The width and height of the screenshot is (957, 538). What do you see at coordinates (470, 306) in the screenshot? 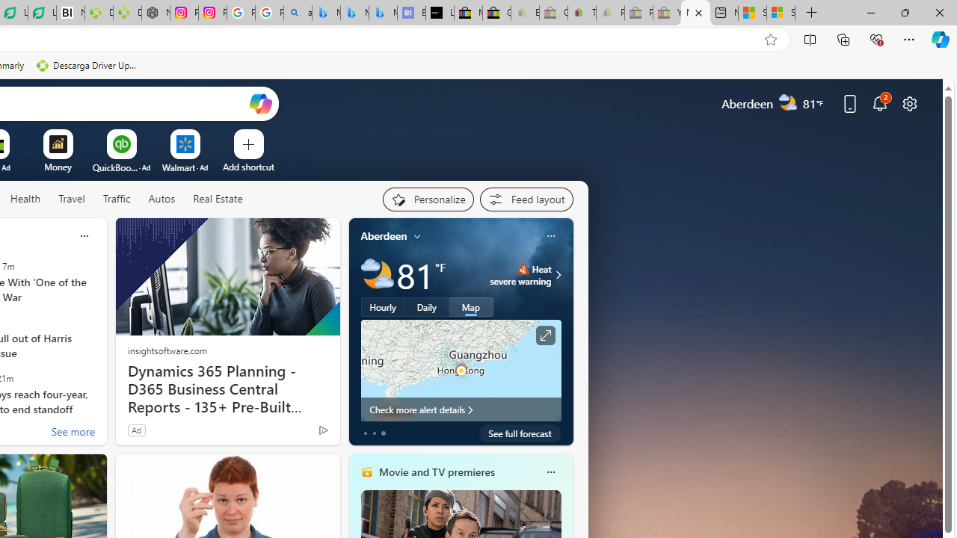
I see `'Map'` at bounding box center [470, 306].